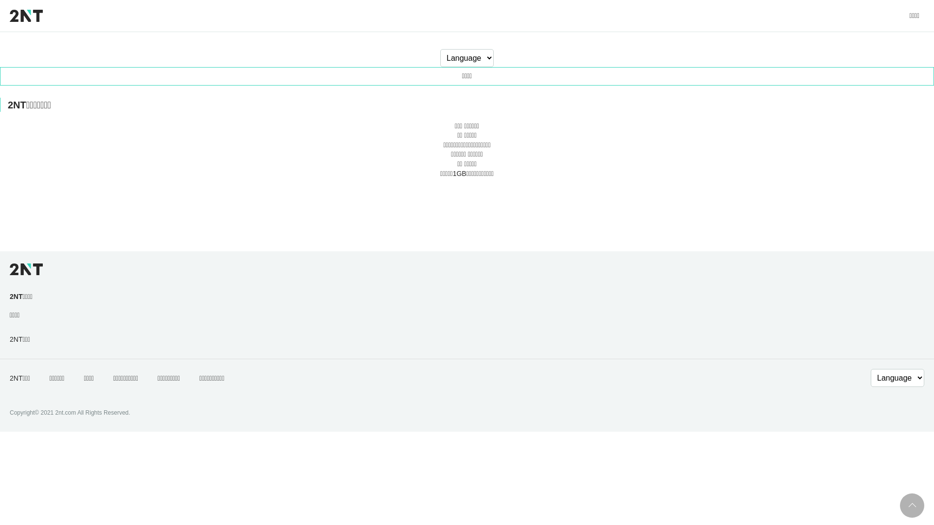 The height and width of the screenshot is (525, 934). Describe the element at coordinates (26, 15) in the screenshot. I see `'2NT'` at that location.